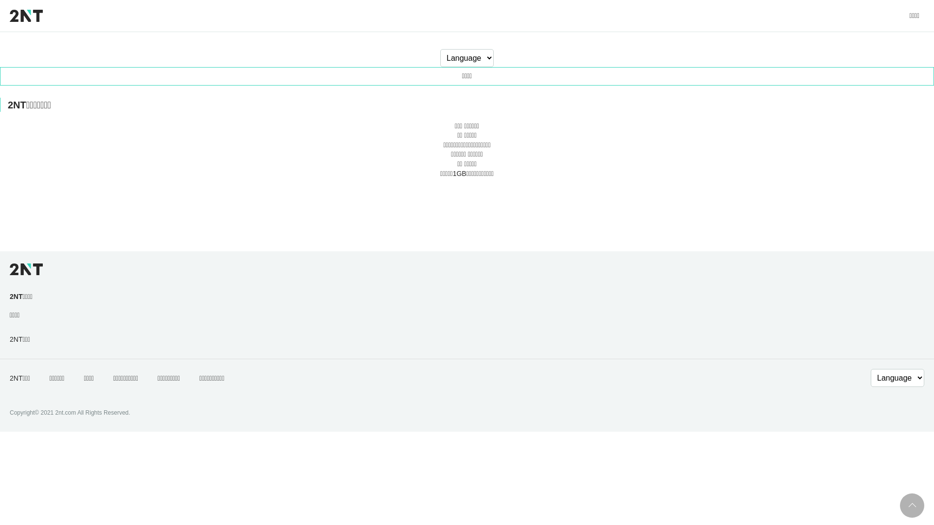 The height and width of the screenshot is (525, 934). Describe the element at coordinates (26, 15) in the screenshot. I see `'2NT'` at that location.